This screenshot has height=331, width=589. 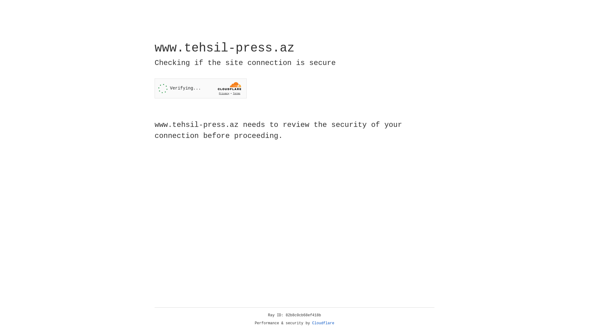 What do you see at coordinates (323, 323) in the screenshot?
I see `'Cloudflare'` at bounding box center [323, 323].